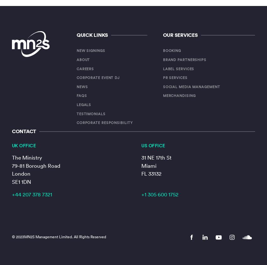 Image resolution: width=267 pixels, height=265 pixels. Describe the element at coordinates (90, 113) in the screenshot. I see `'Testimonials'` at that location.